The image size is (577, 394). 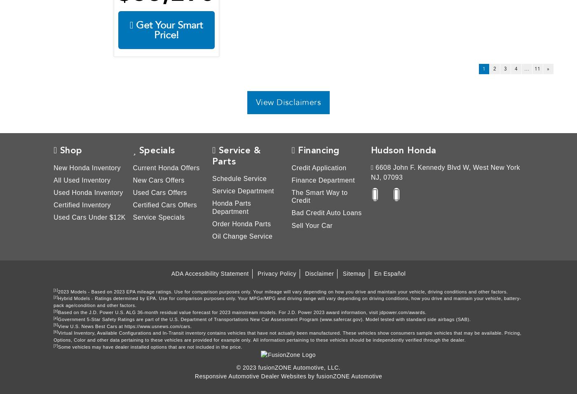 What do you see at coordinates (288, 367) in the screenshot?
I see `'© 2023 fusionZONE Automotive, LLC.'` at bounding box center [288, 367].